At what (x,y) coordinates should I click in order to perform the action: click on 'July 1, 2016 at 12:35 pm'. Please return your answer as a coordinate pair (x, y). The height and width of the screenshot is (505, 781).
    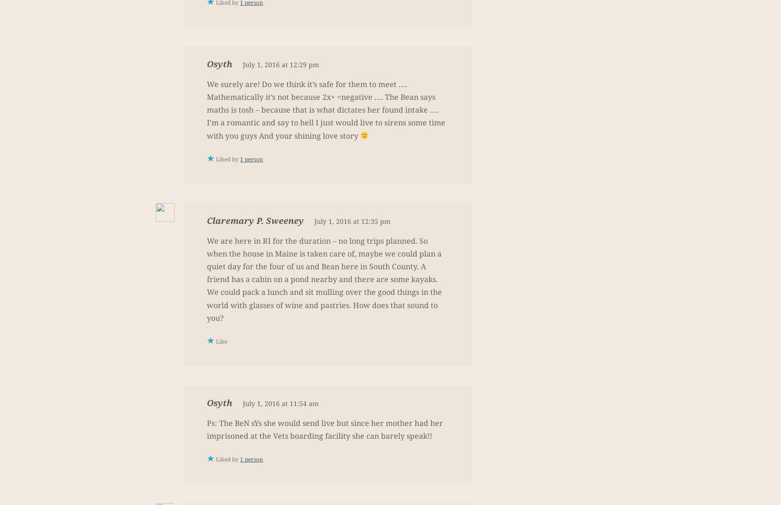
    Looking at the image, I should click on (352, 220).